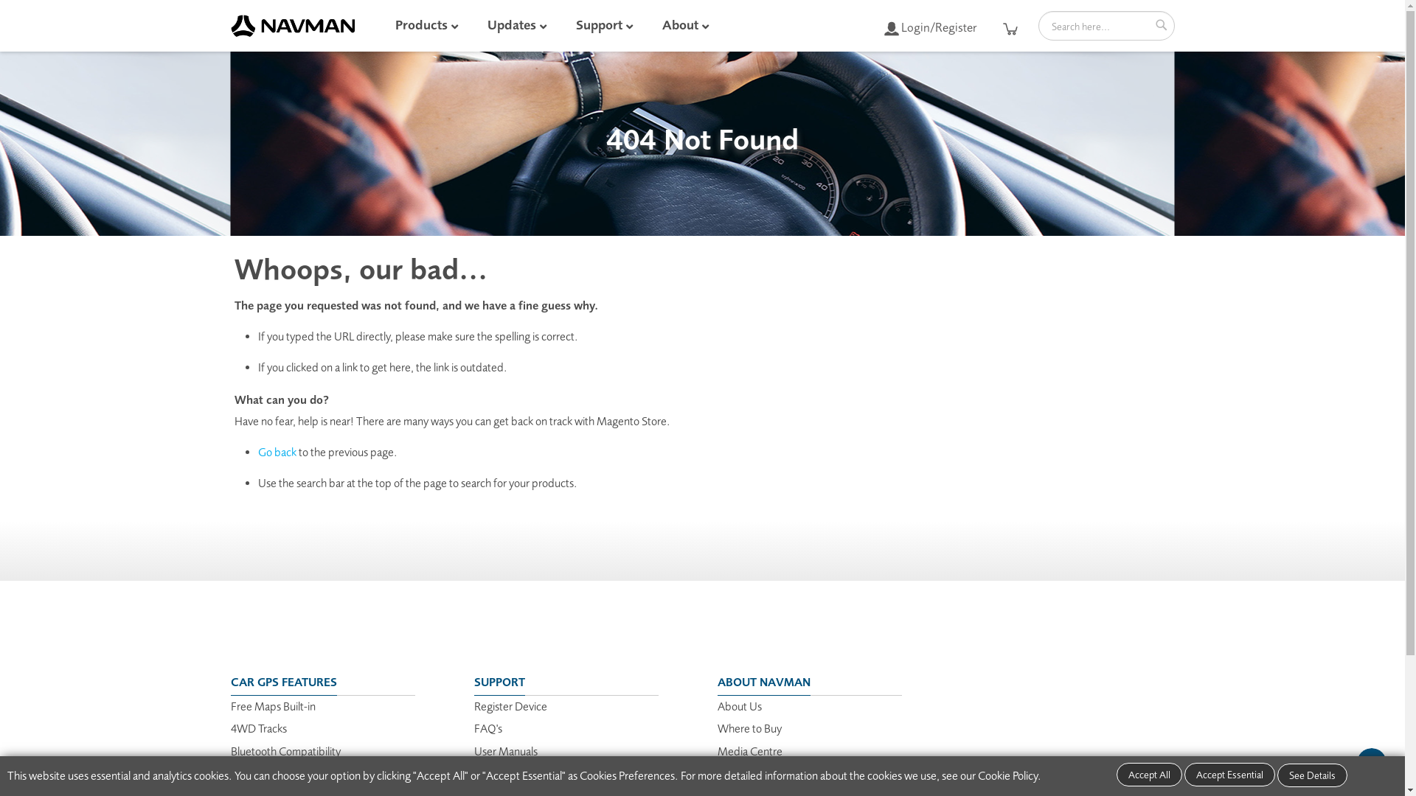 The image size is (1416, 796). What do you see at coordinates (929, 27) in the screenshot?
I see `'Login/Register'` at bounding box center [929, 27].